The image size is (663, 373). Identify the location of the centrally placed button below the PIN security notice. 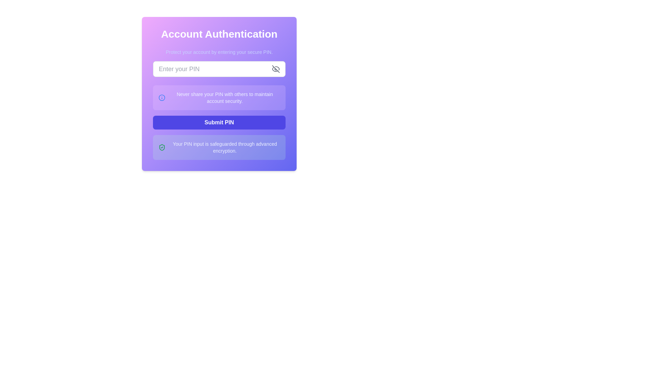
(219, 122).